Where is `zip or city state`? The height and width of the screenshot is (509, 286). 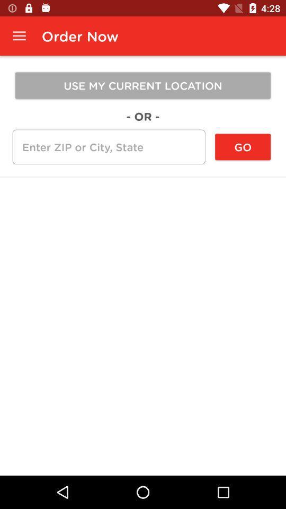
zip or city state is located at coordinates (108, 146).